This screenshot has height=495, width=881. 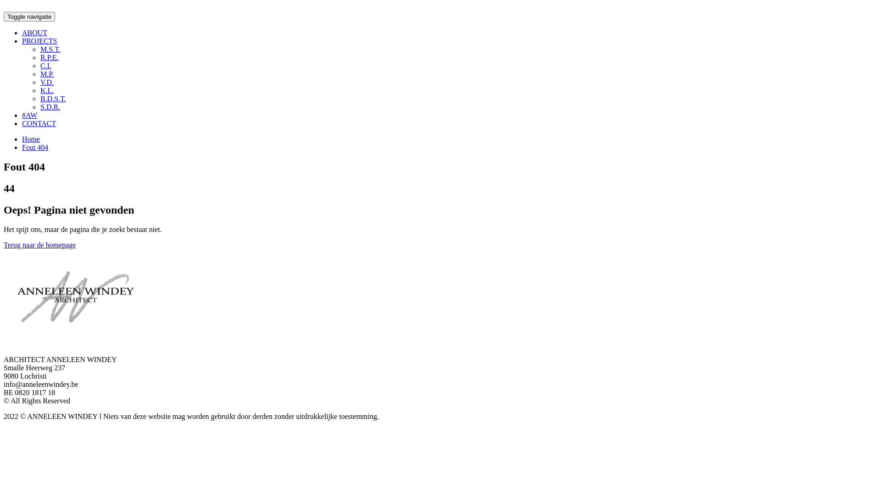 I want to click on 'Fout 404', so click(x=35, y=147).